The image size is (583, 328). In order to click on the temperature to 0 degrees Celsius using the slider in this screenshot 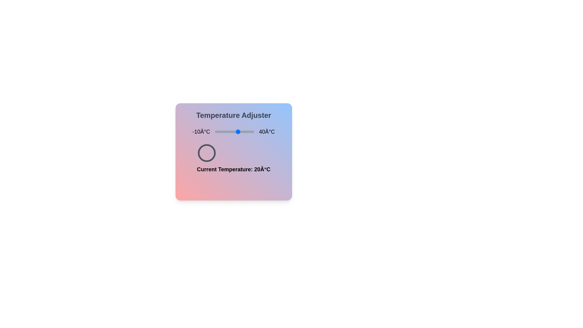, I will do `click(222, 132)`.